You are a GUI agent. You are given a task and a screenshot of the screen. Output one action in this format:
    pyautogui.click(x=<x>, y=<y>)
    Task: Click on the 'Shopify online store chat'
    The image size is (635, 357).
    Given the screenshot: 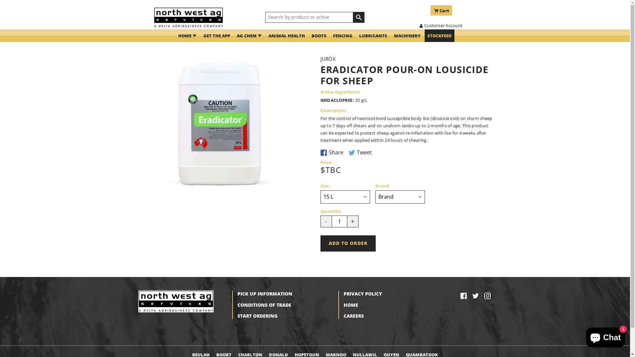 What is the action you would take?
    pyautogui.click(x=584, y=336)
    